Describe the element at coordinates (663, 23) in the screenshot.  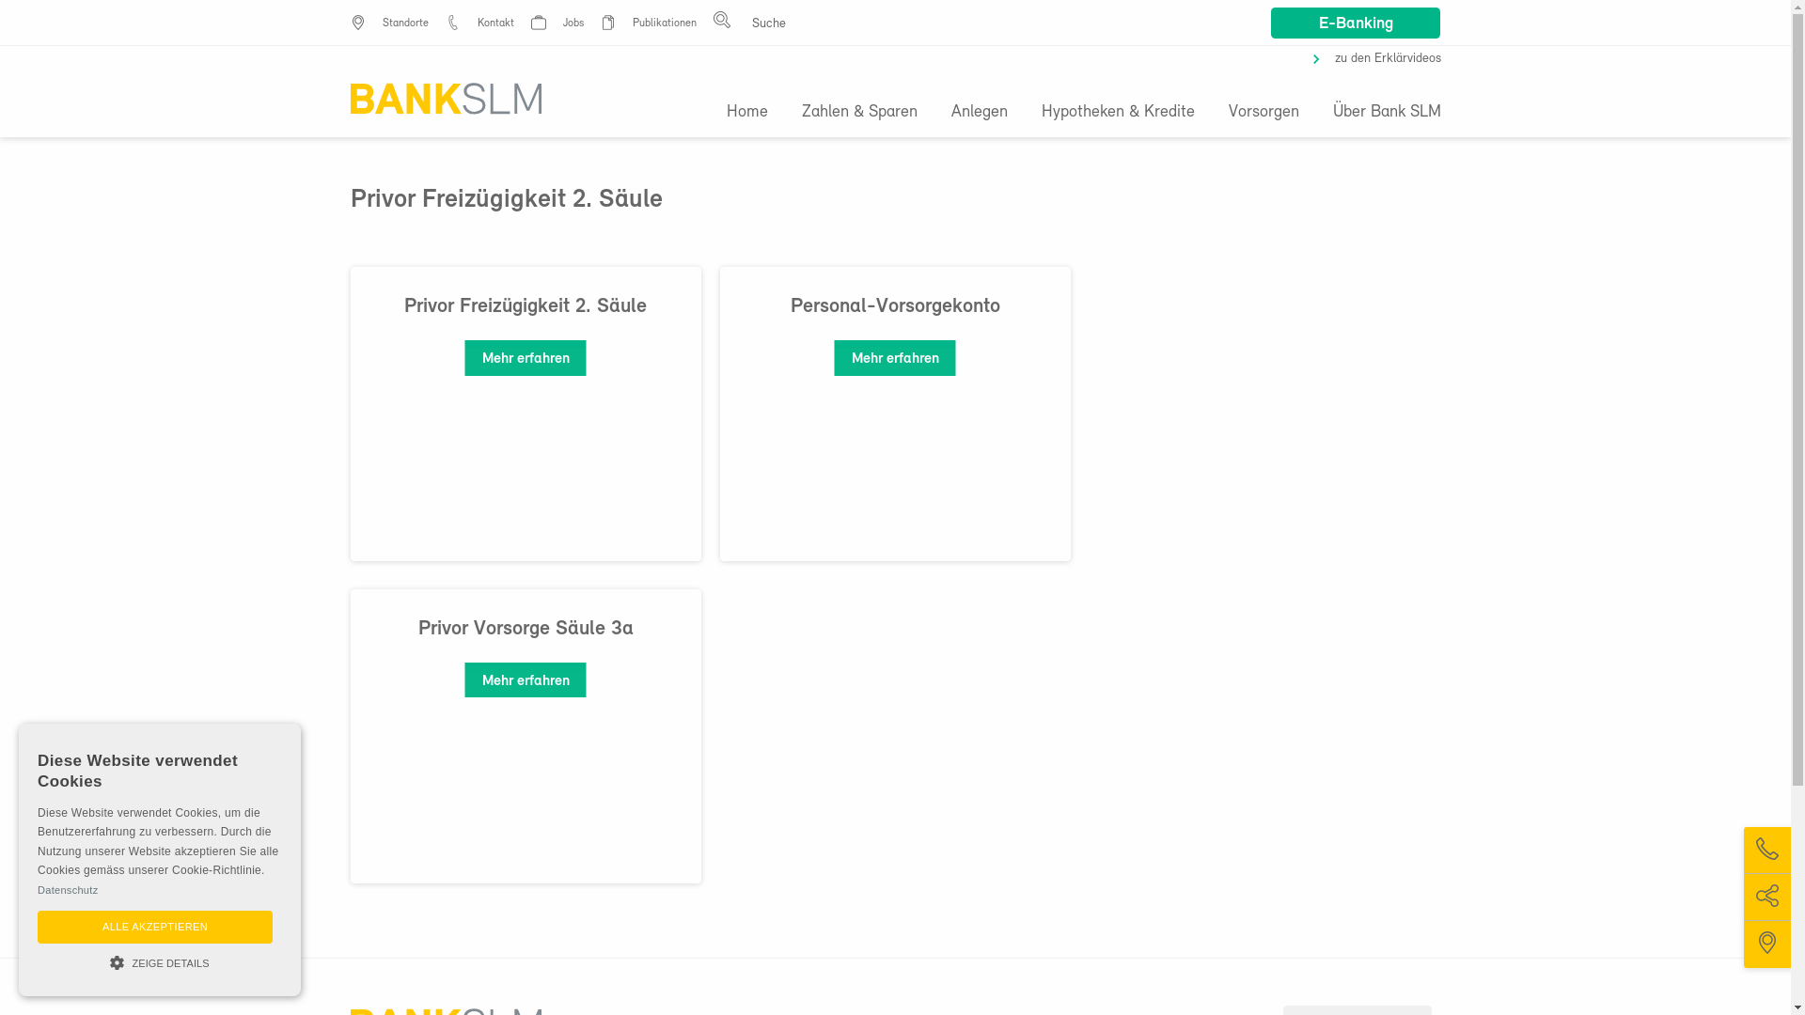
I see `'Publikationen'` at that location.